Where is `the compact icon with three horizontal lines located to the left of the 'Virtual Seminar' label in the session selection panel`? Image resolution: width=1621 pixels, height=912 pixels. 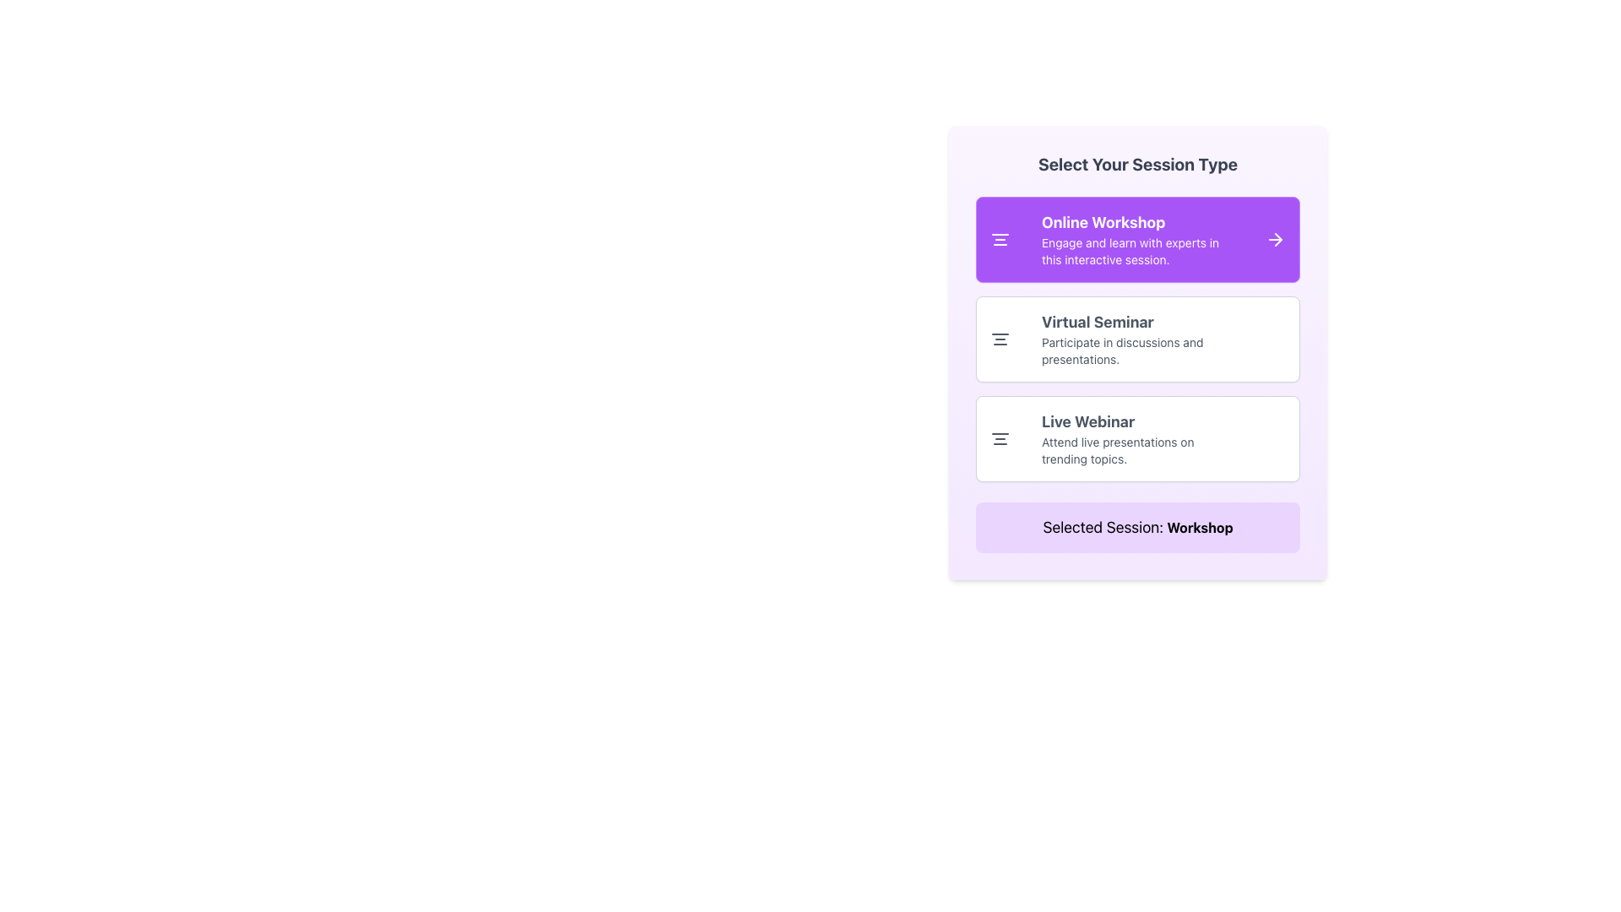
the compact icon with three horizontal lines located to the left of the 'Virtual Seminar' label in the session selection panel is located at coordinates (1000, 339).